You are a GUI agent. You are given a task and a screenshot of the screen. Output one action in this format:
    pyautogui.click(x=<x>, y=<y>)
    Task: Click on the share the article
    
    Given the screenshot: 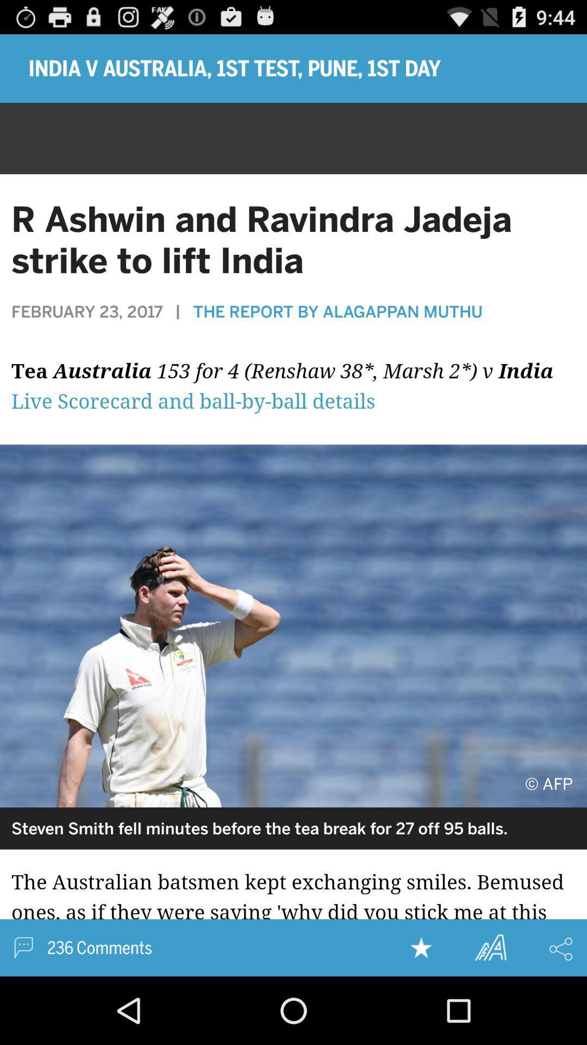 What is the action you would take?
    pyautogui.click(x=561, y=948)
    